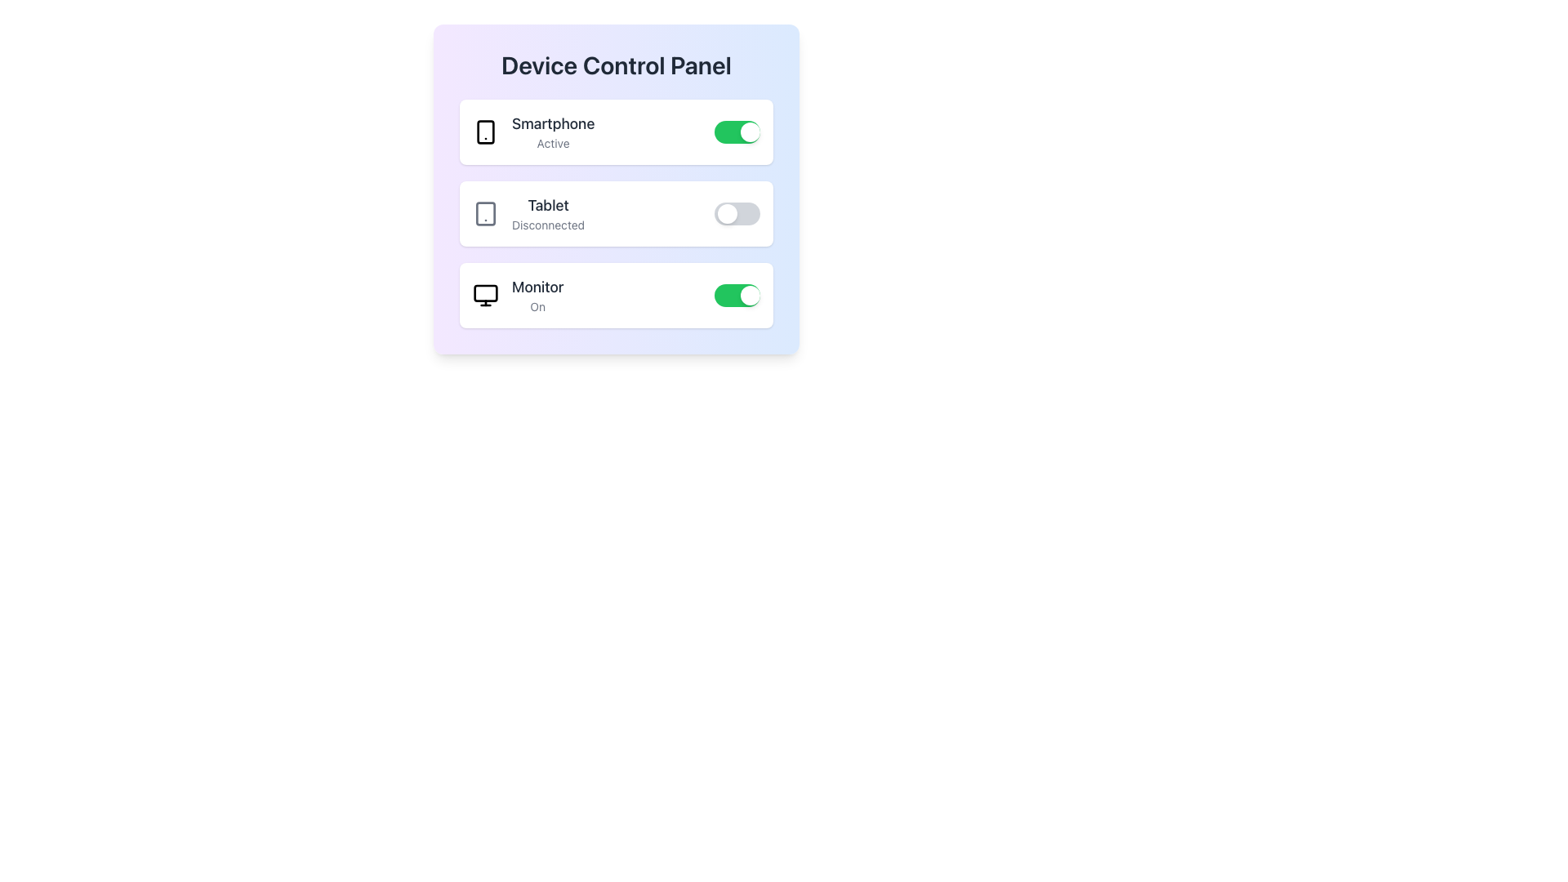 The width and height of the screenshot is (1568, 882). I want to click on text content of the 'Active' status label for the device labeled 'Smartphone', which is located in the first item of the vertically aligned list in the 'Device Control Panel', so click(553, 131).